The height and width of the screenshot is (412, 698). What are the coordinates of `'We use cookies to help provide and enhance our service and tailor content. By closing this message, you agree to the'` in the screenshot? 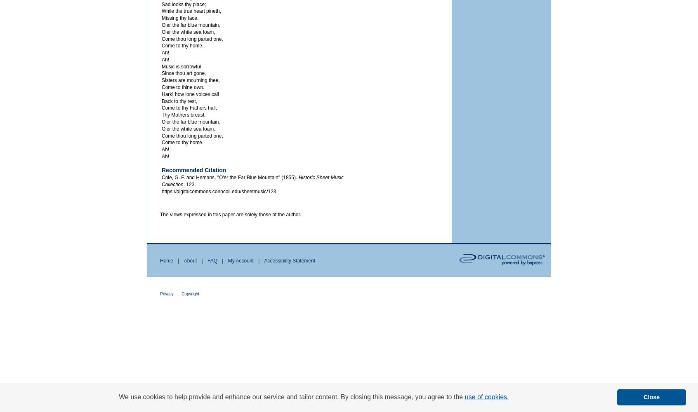 It's located at (291, 396).